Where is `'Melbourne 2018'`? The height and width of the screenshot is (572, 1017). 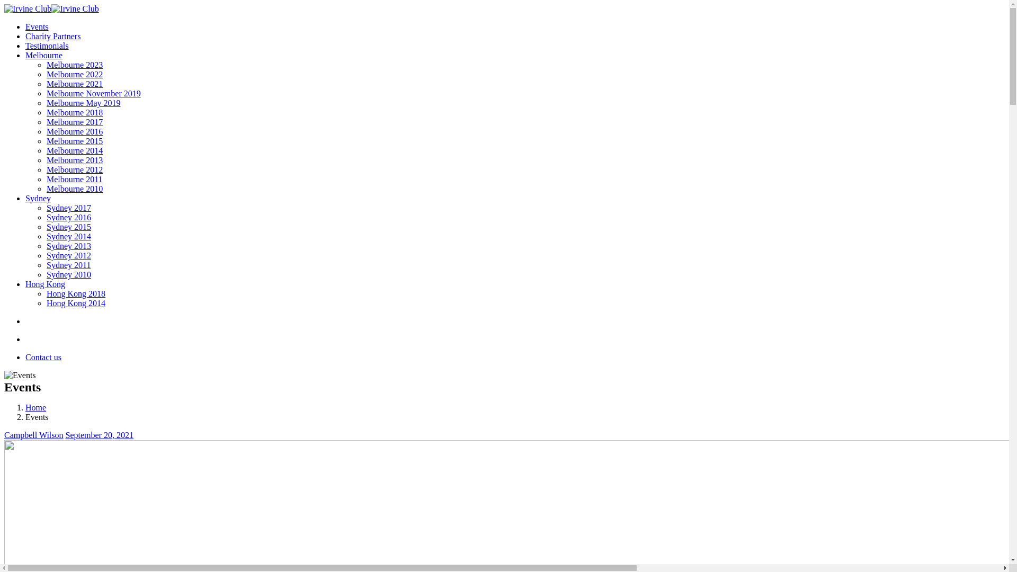 'Melbourne 2018' is located at coordinates (46, 112).